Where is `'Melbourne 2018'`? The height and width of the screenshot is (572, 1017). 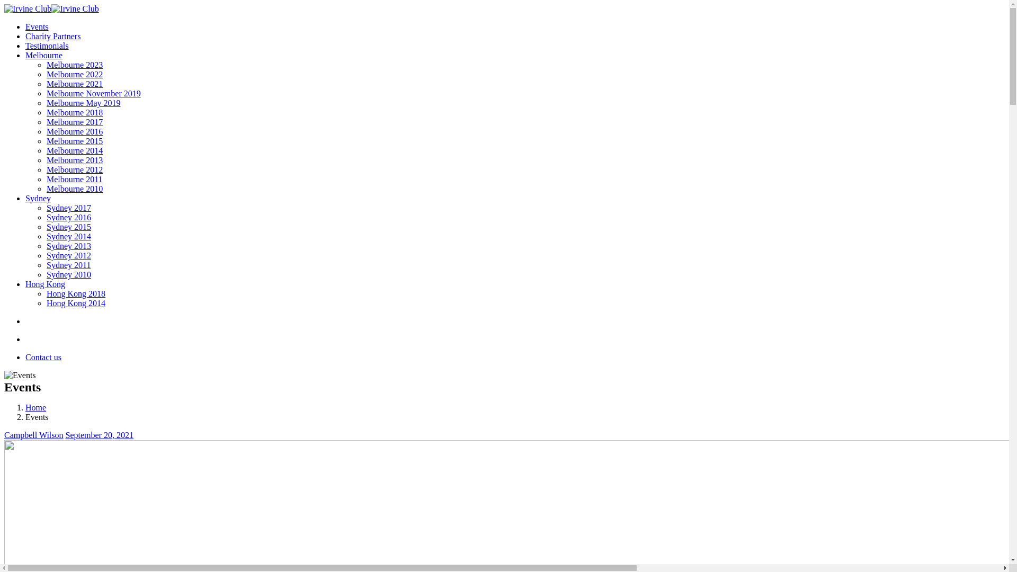 'Melbourne 2018' is located at coordinates (46, 112).